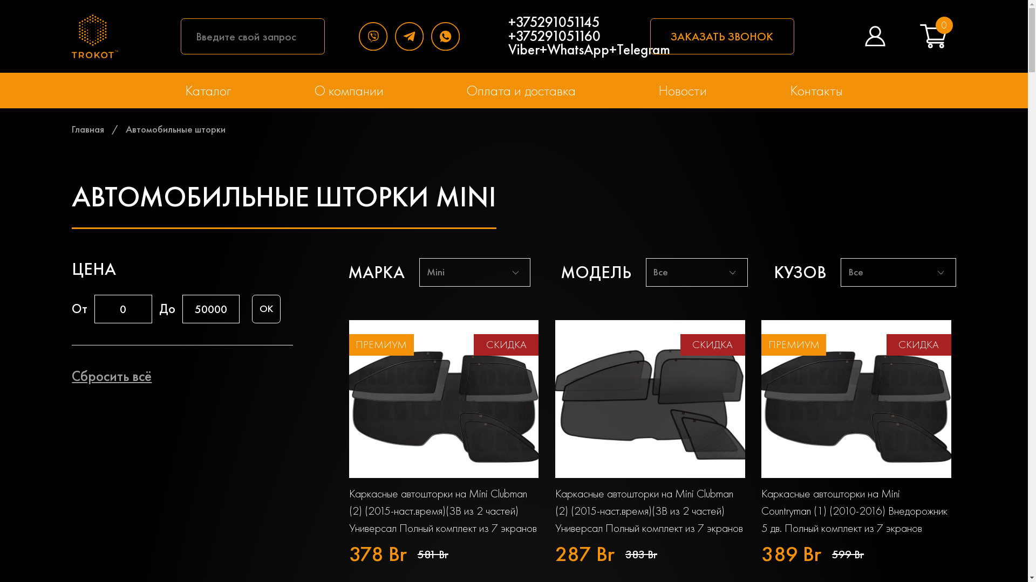 This screenshot has width=1036, height=582. What do you see at coordinates (449, 36) in the screenshot?
I see `'WhatsApp'` at bounding box center [449, 36].